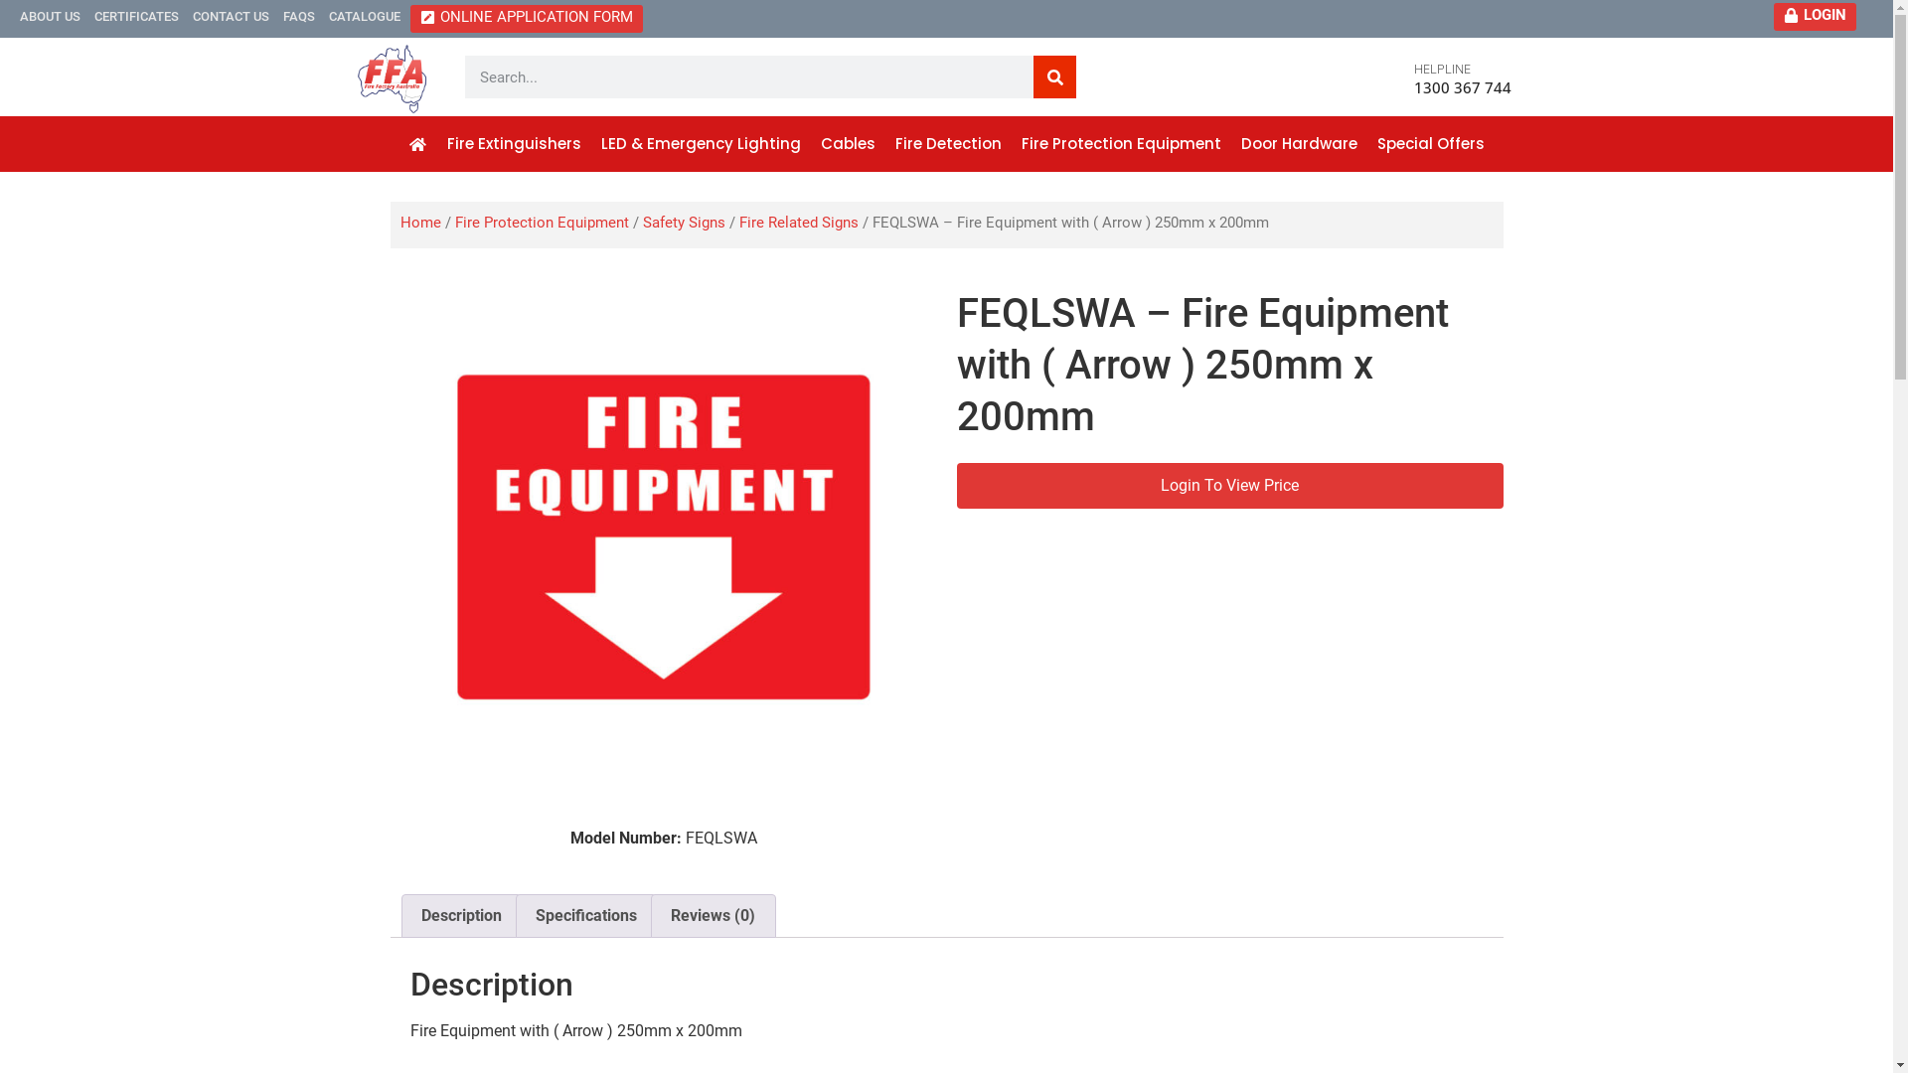 The width and height of the screenshot is (1908, 1073). Describe the element at coordinates (713, 915) in the screenshot. I see `'Reviews (0)'` at that location.